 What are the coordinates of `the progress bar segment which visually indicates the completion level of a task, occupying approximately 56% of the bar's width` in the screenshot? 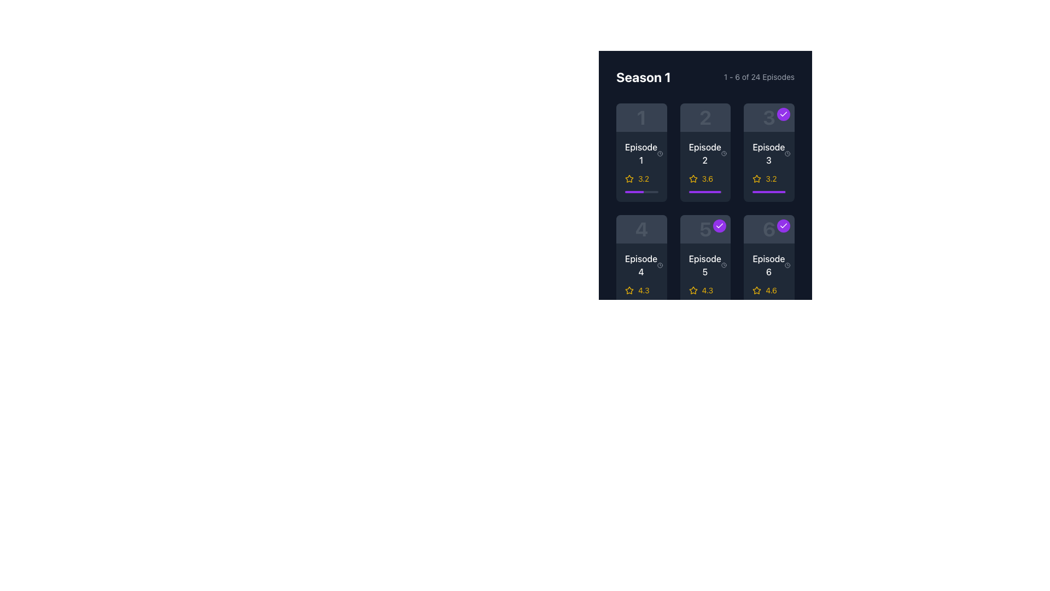 It's located at (634, 192).